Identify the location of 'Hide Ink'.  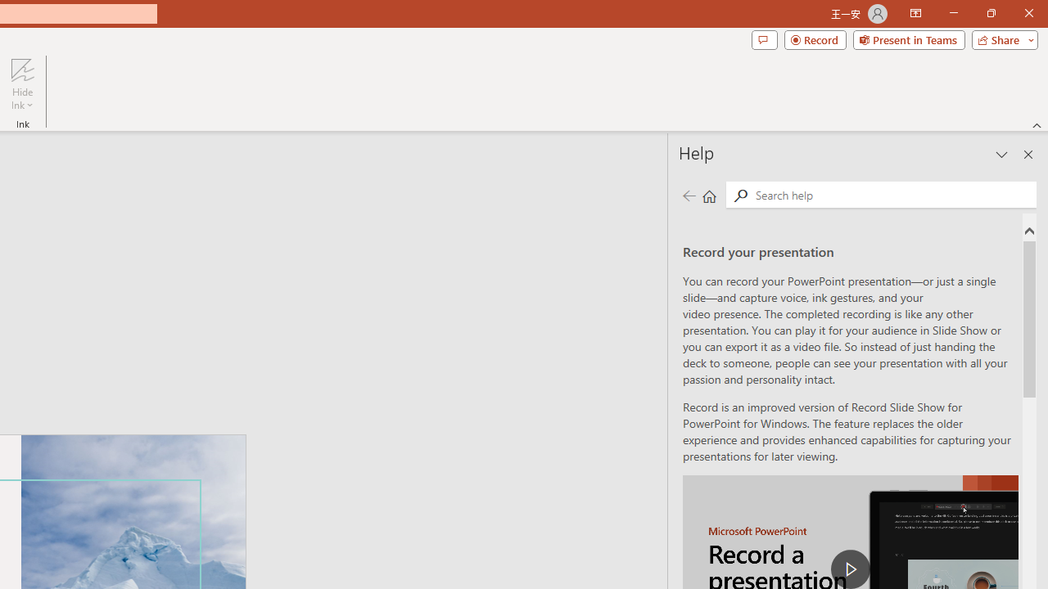
(22, 69).